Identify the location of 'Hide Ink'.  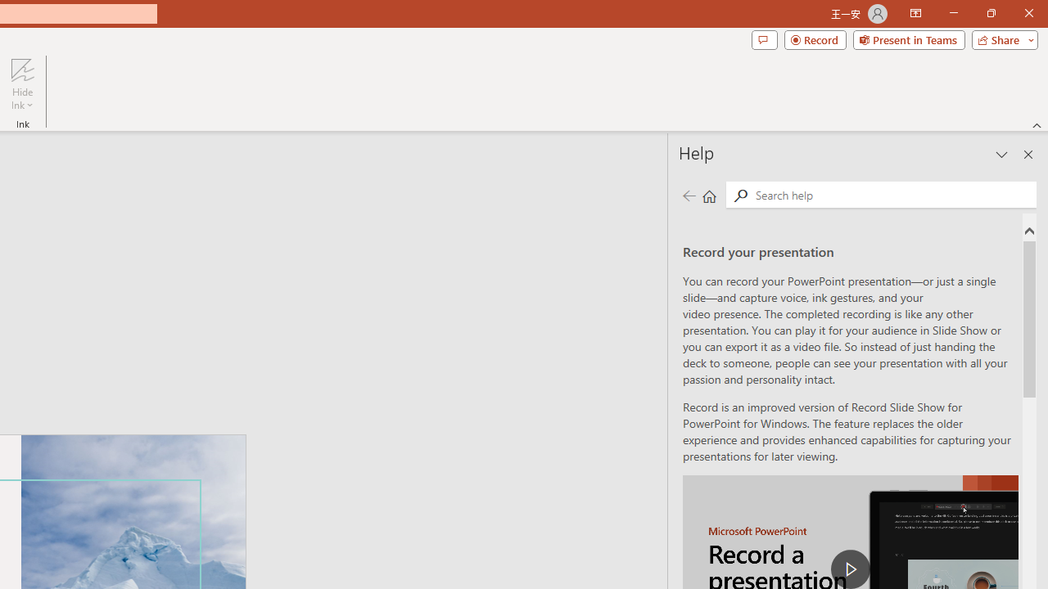
(22, 69).